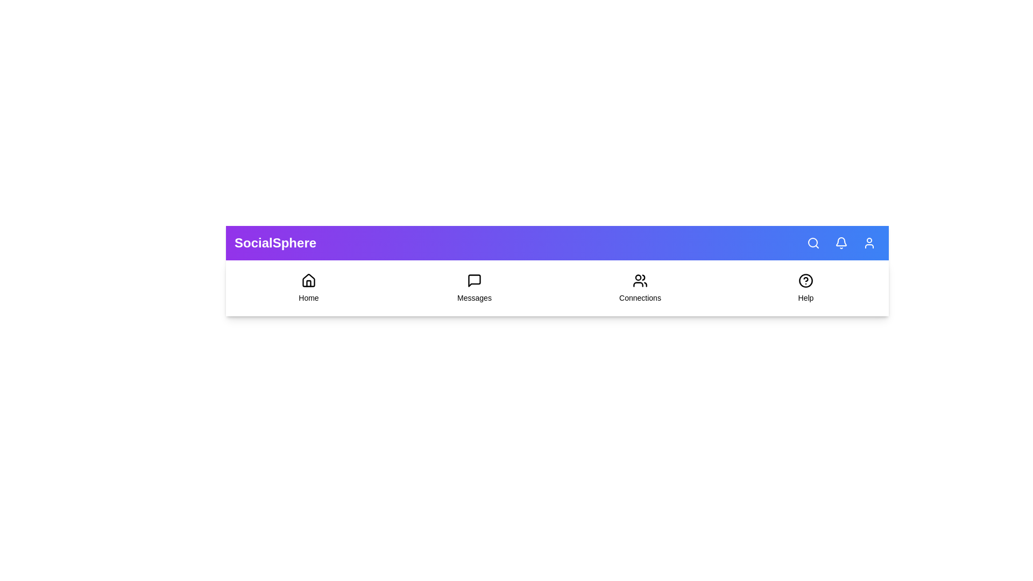 This screenshot has height=581, width=1033. What do you see at coordinates (805, 288) in the screenshot?
I see `the 'Help' menu item` at bounding box center [805, 288].